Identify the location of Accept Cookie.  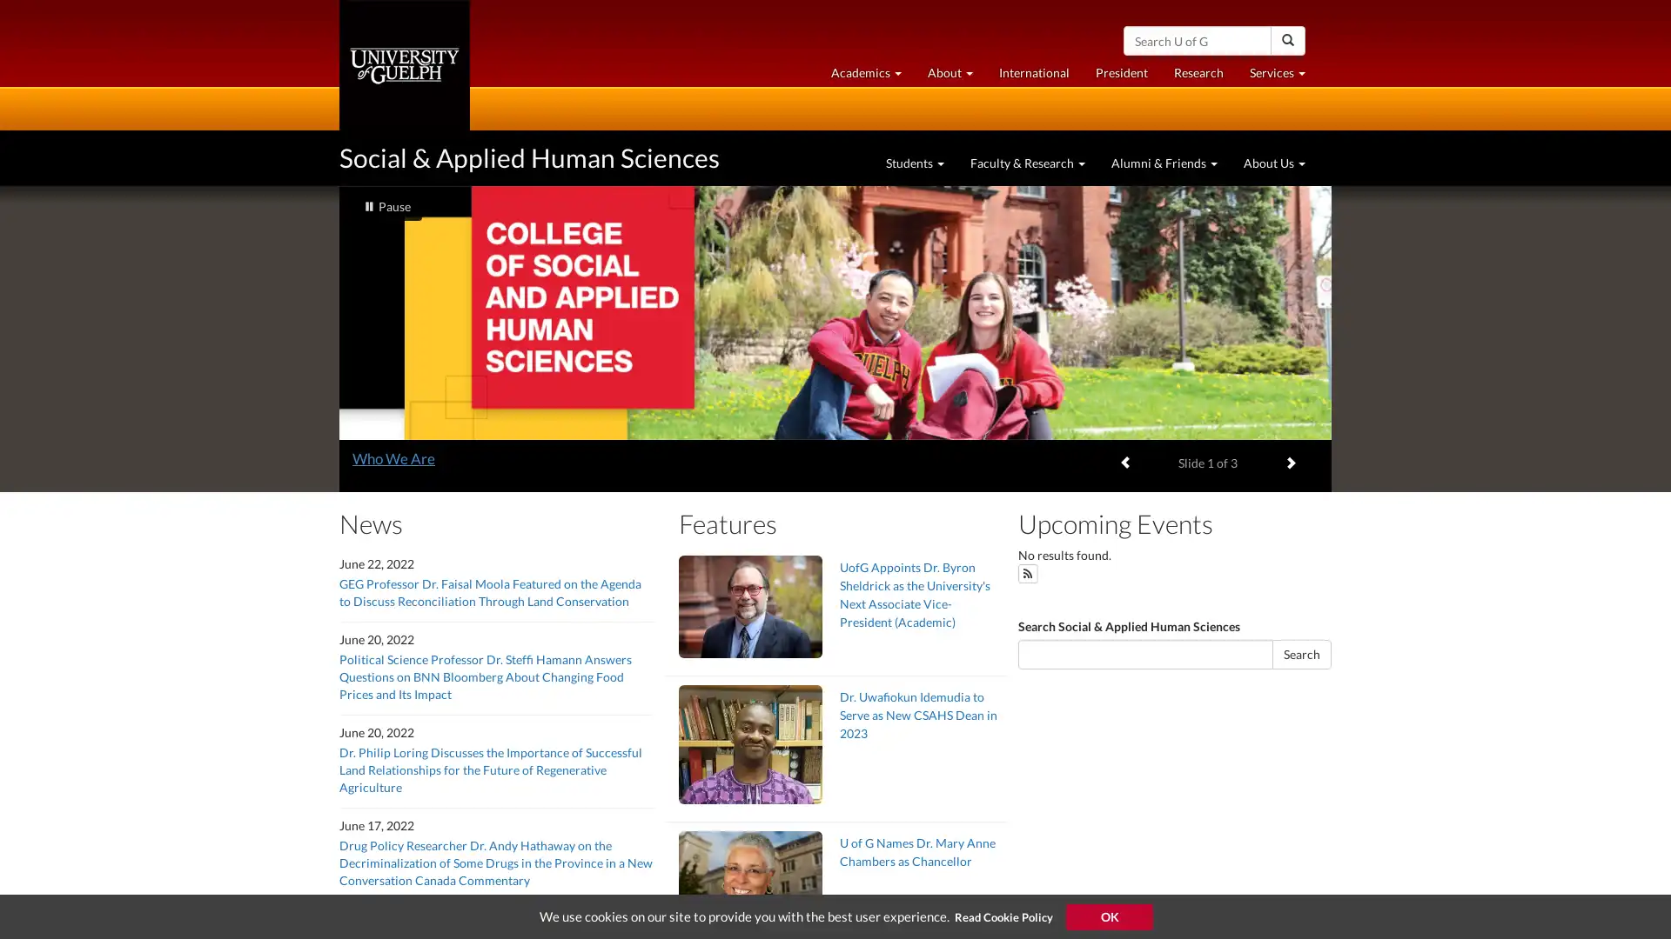
(1109, 915).